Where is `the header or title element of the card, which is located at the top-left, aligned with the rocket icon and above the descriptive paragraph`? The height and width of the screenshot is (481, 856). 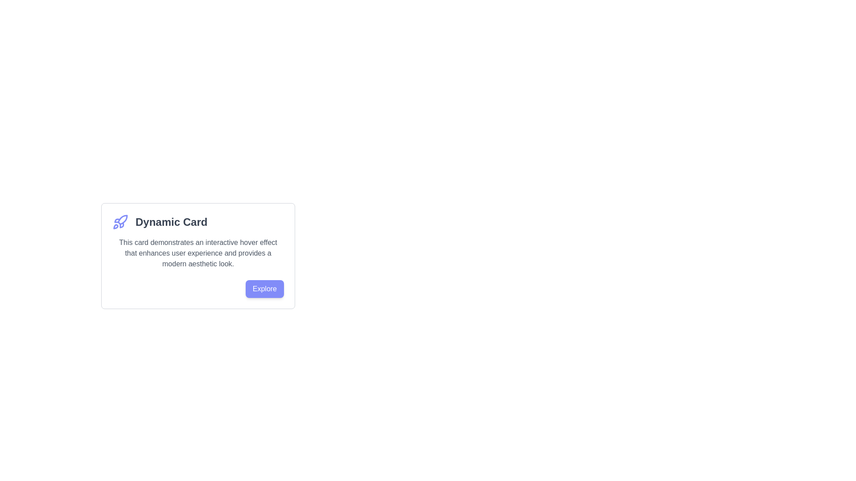
the header or title element of the card, which is located at the top-left, aligned with the rocket icon and above the descriptive paragraph is located at coordinates (198, 221).